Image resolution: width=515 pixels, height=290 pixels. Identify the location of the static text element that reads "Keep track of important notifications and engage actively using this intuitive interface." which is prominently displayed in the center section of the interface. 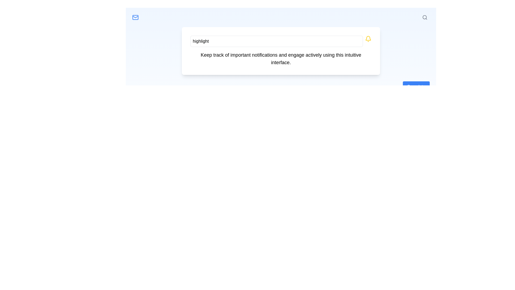
(281, 59).